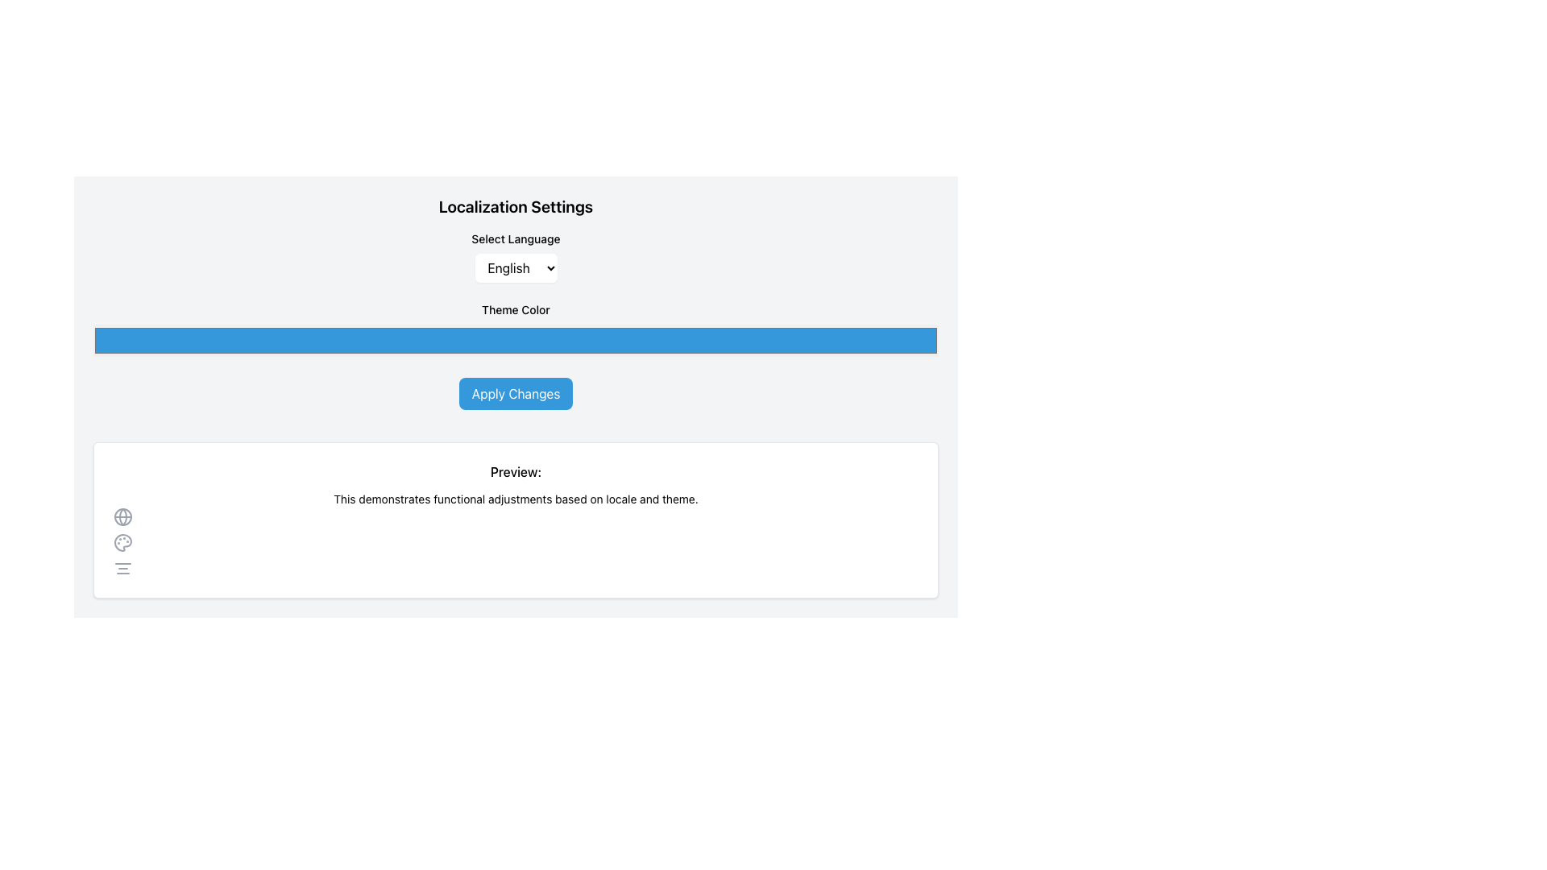  What do you see at coordinates (122, 543) in the screenshot?
I see `the second icon from the top in the vertical column of three icons located in the left section of the white preview box near its top-left edge` at bounding box center [122, 543].